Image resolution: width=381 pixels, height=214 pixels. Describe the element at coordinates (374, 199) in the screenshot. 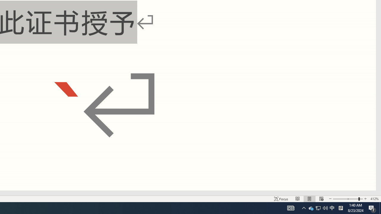

I see `'Zoom 412%'` at that location.